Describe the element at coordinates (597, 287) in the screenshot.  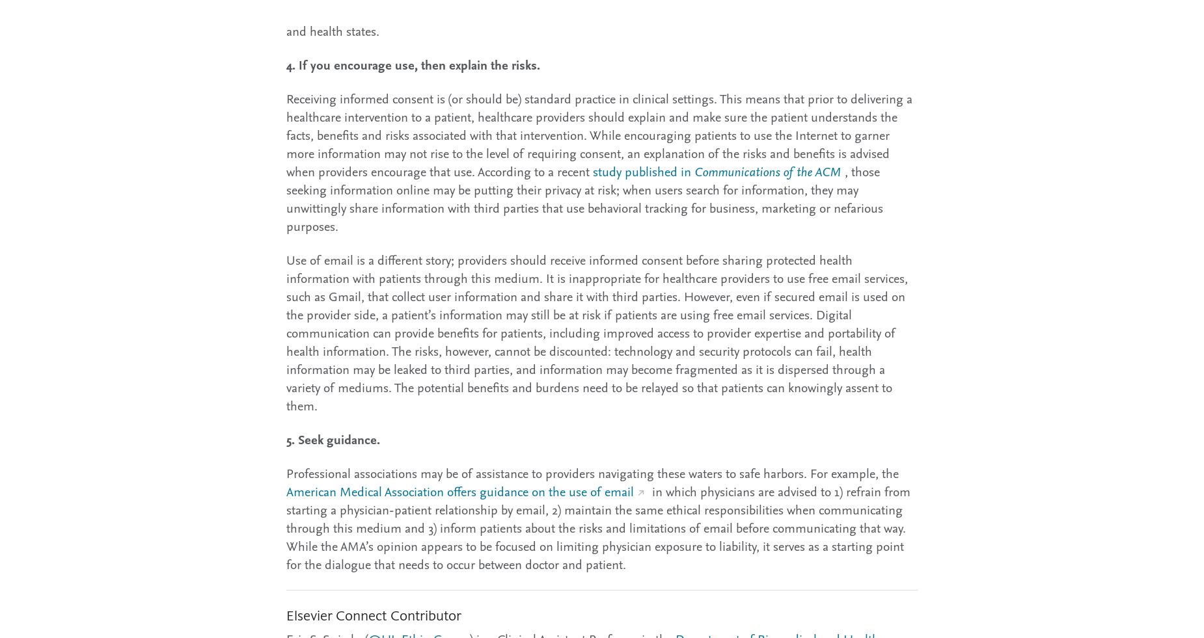
I see `'Use of email is a different story; providers should receive informed consent before sharing protected health information with patients through this medium. It is inappropriate for healthcare providers to use free email services, such as Gmail, that collect user information and share it with third parties.
  However, even if secured email is used on the provider side, a patient’s information may still be at risk if patients are using'` at that location.